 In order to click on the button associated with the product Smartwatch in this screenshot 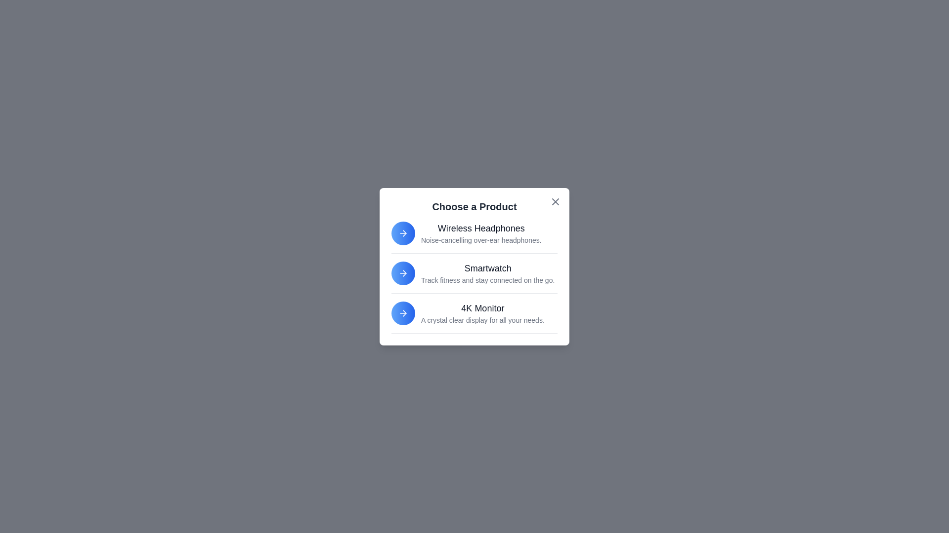, I will do `click(403, 273)`.